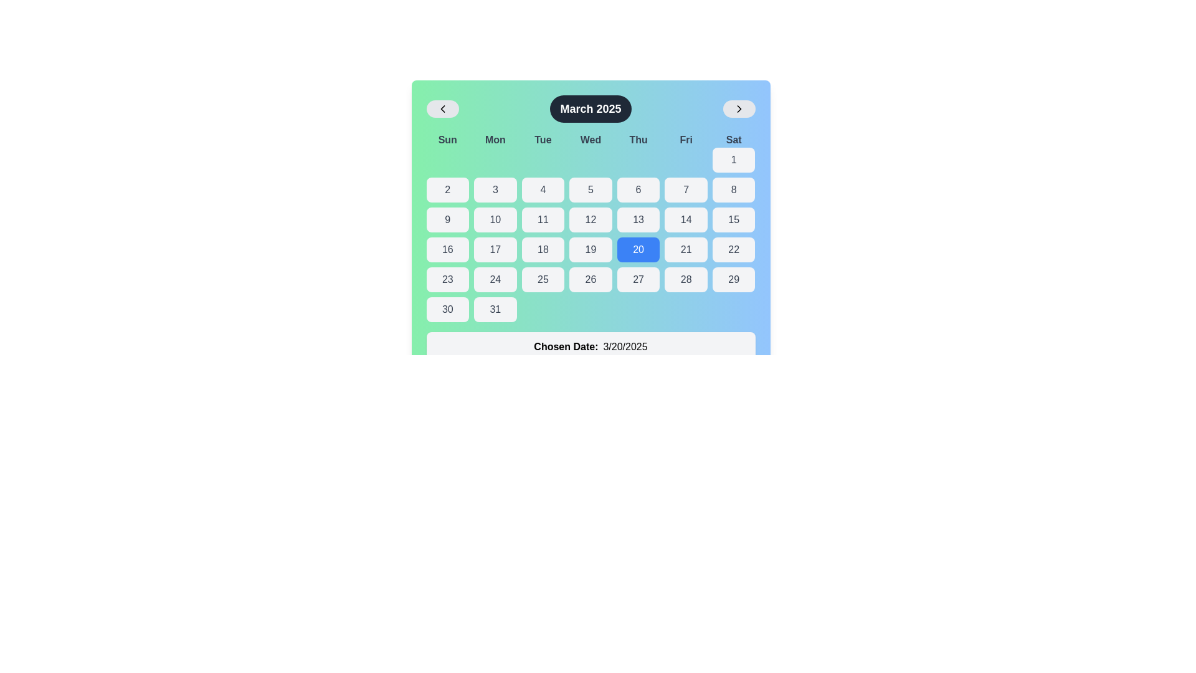 The image size is (1196, 673). Describe the element at coordinates (734, 279) in the screenshot. I see `the button representing the 29th date of the month in the calendar interface` at that location.